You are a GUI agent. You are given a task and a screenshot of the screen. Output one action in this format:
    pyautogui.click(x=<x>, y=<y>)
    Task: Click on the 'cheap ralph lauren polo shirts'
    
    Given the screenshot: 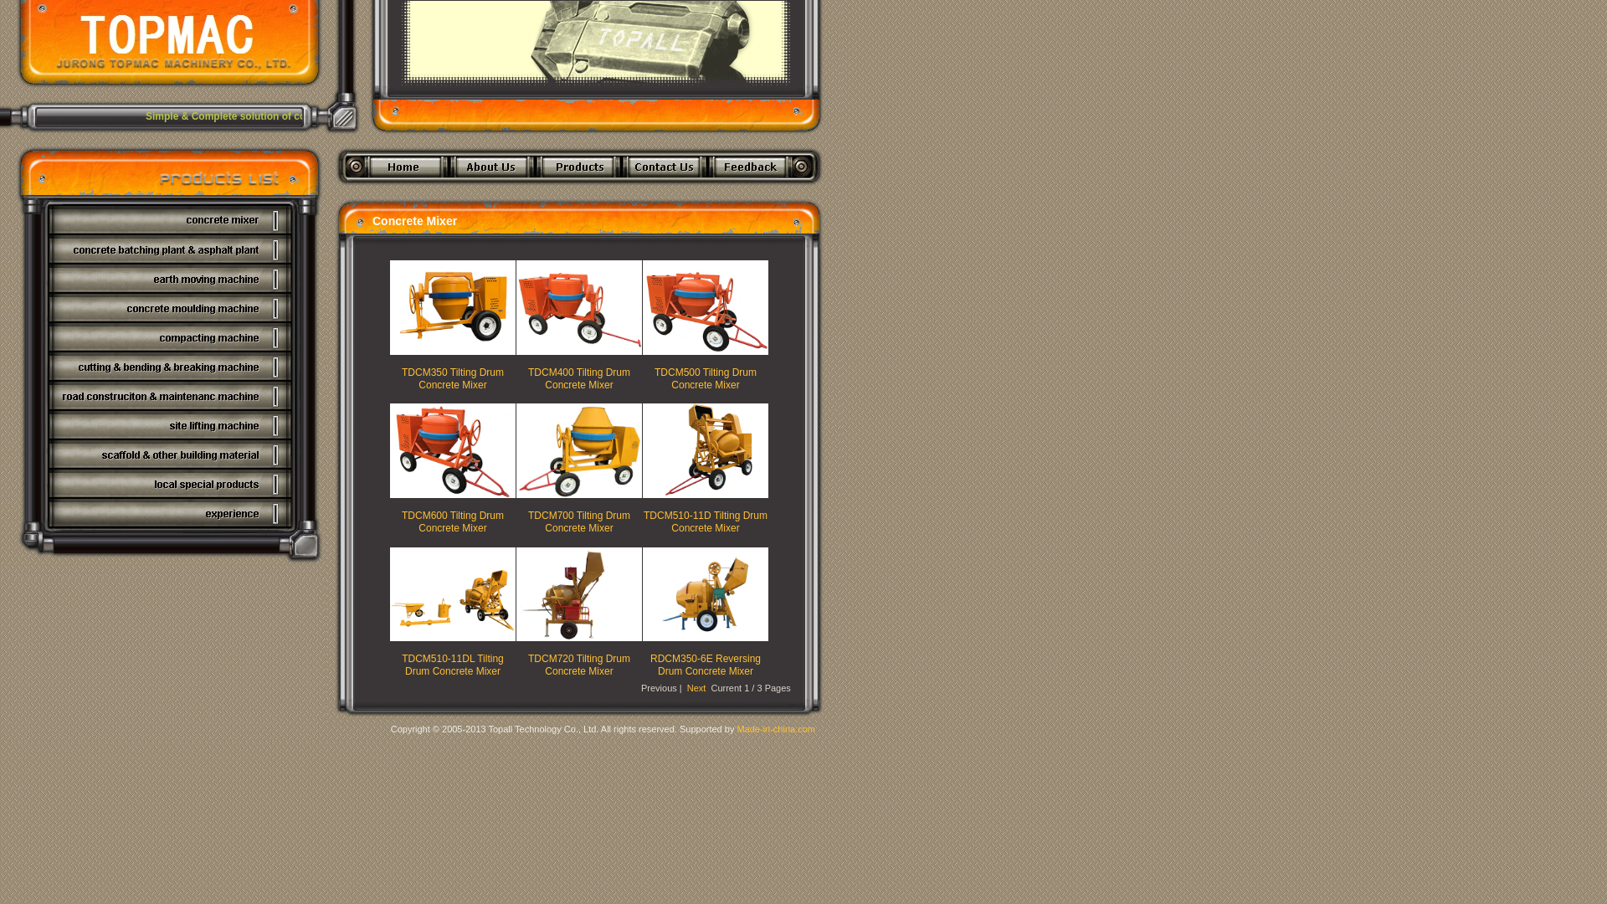 What is the action you would take?
    pyautogui.click(x=588, y=193)
    